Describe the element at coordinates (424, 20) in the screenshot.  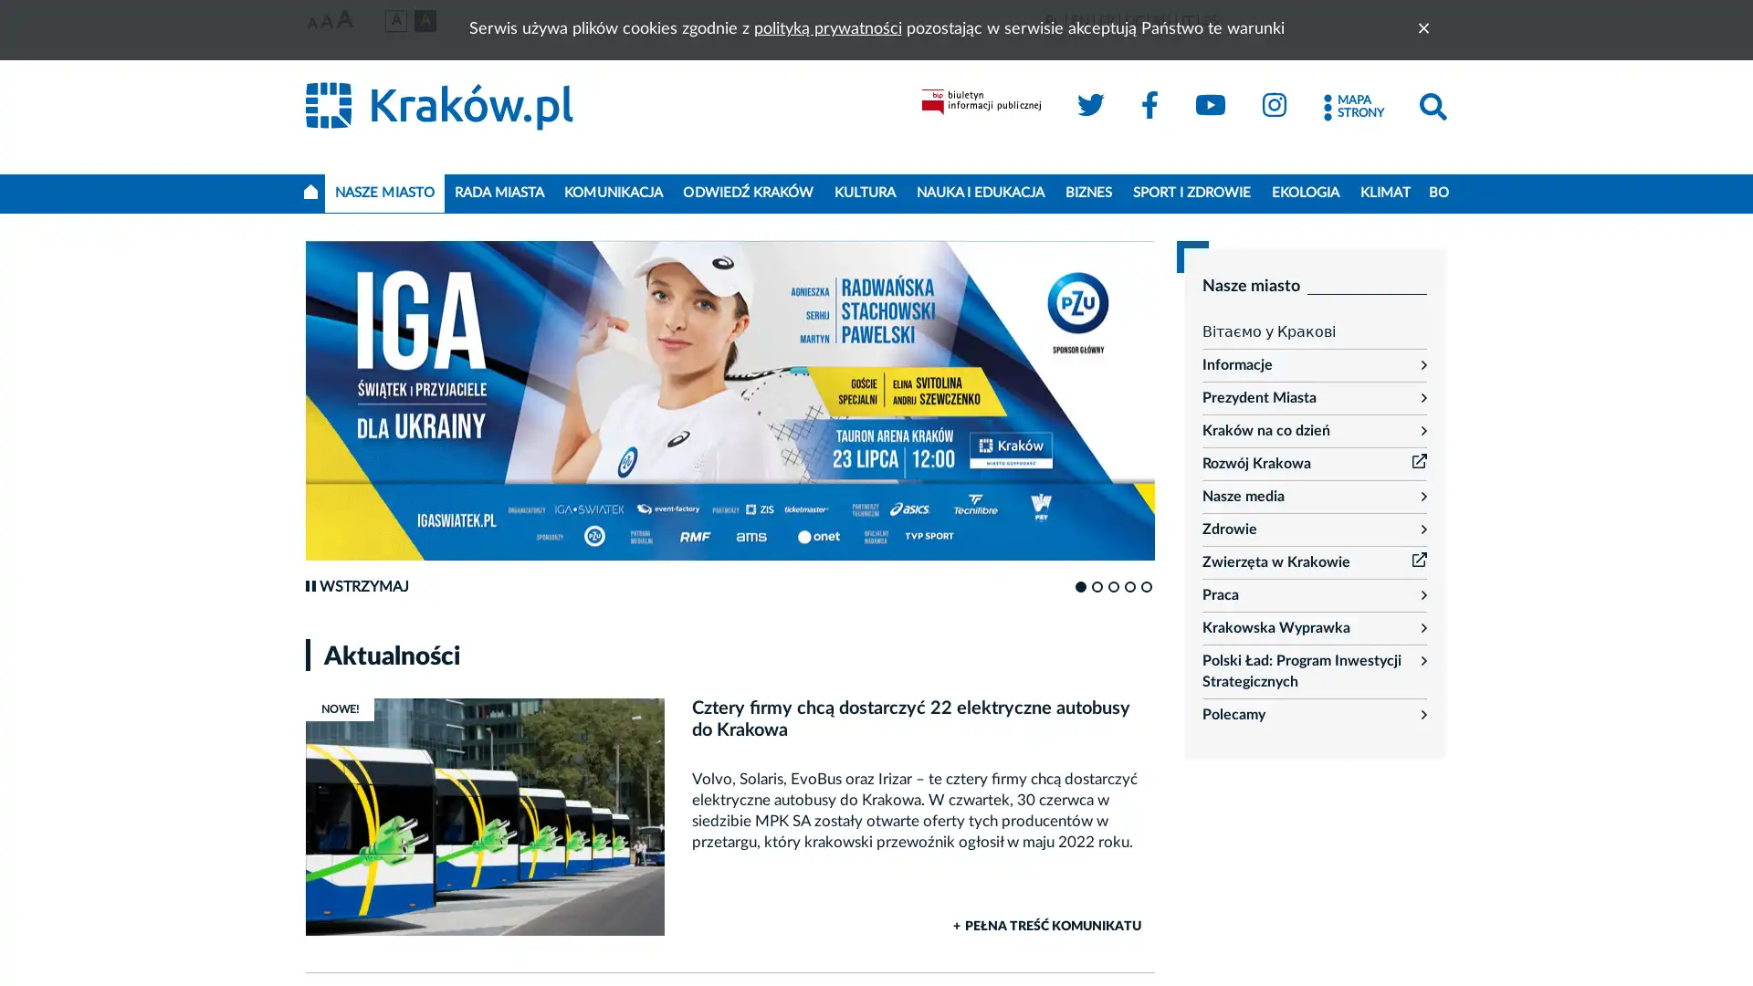
I see `Wersja czarno-zota` at that location.